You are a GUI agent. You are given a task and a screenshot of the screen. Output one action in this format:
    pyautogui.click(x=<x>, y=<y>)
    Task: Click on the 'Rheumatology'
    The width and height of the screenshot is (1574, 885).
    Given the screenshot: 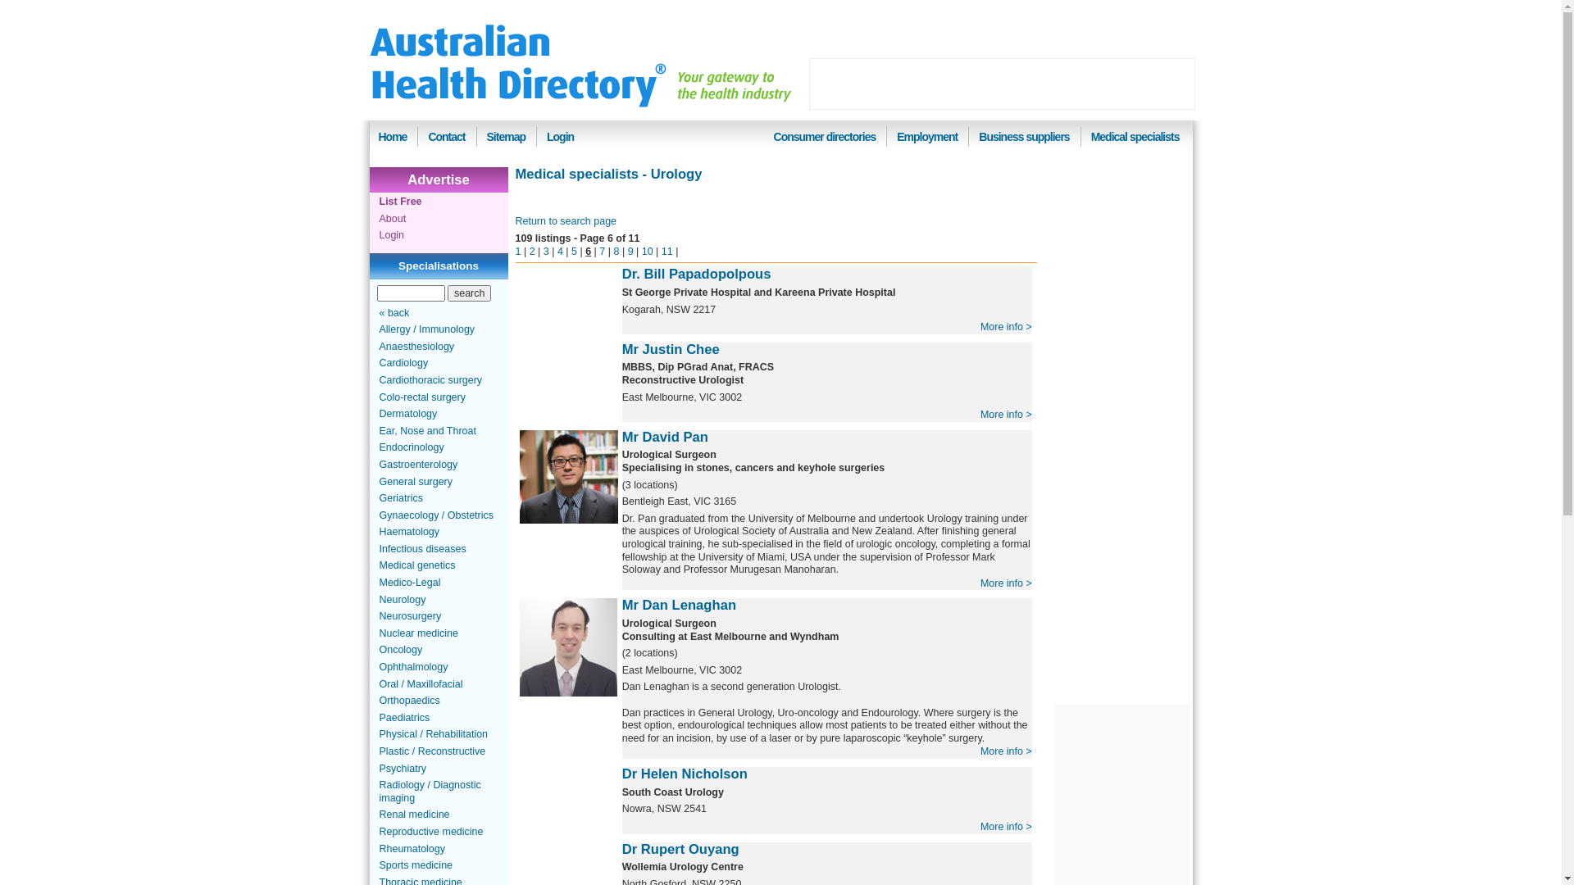 What is the action you would take?
    pyautogui.click(x=412, y=848)
    